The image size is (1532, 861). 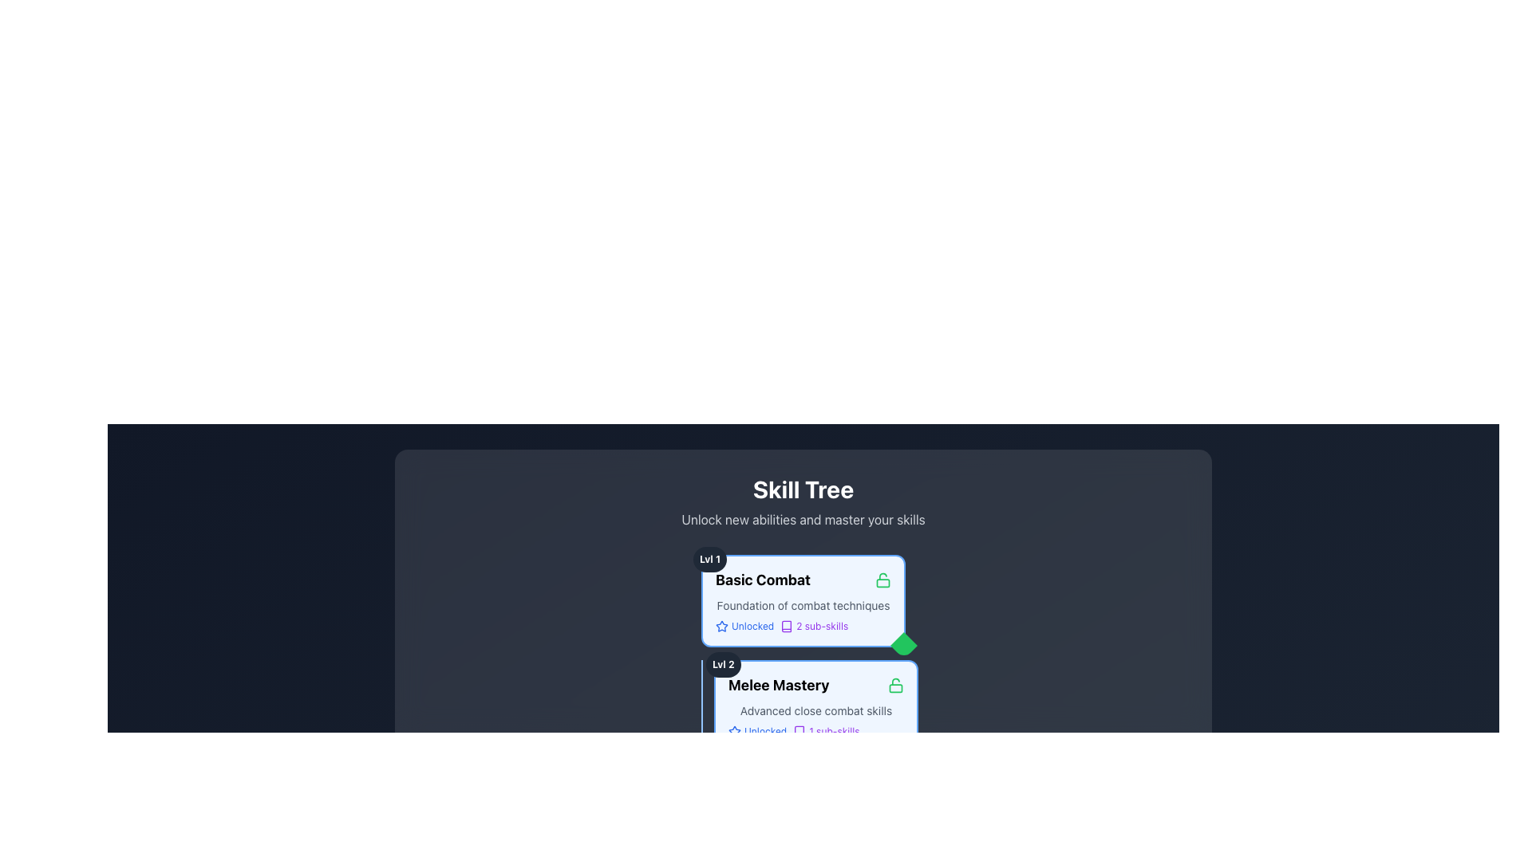 I want to click on the label indicating the level of the 'Basic Combat' skill, which is positioned above the main text content in the skill tree interface, so click(x=709, y=559).